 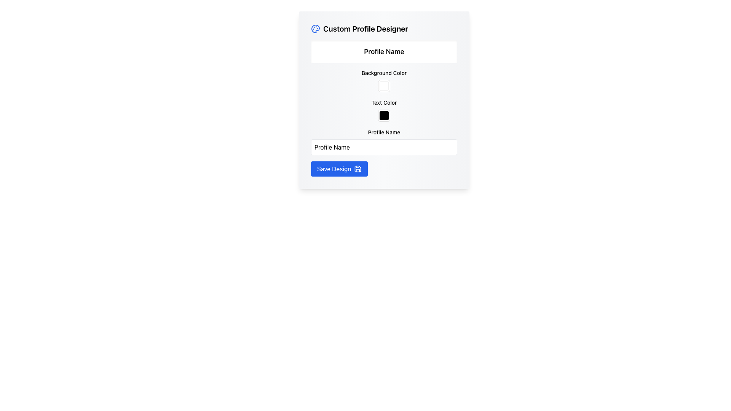 I want to click on the text label reading 'Background Color' located above the color selection box in the 'Custom Profile Designer' interface, so click(x=384, y=73).